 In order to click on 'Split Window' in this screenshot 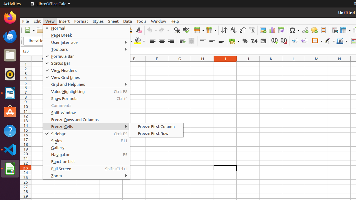, I will do `click(86, 112)`.